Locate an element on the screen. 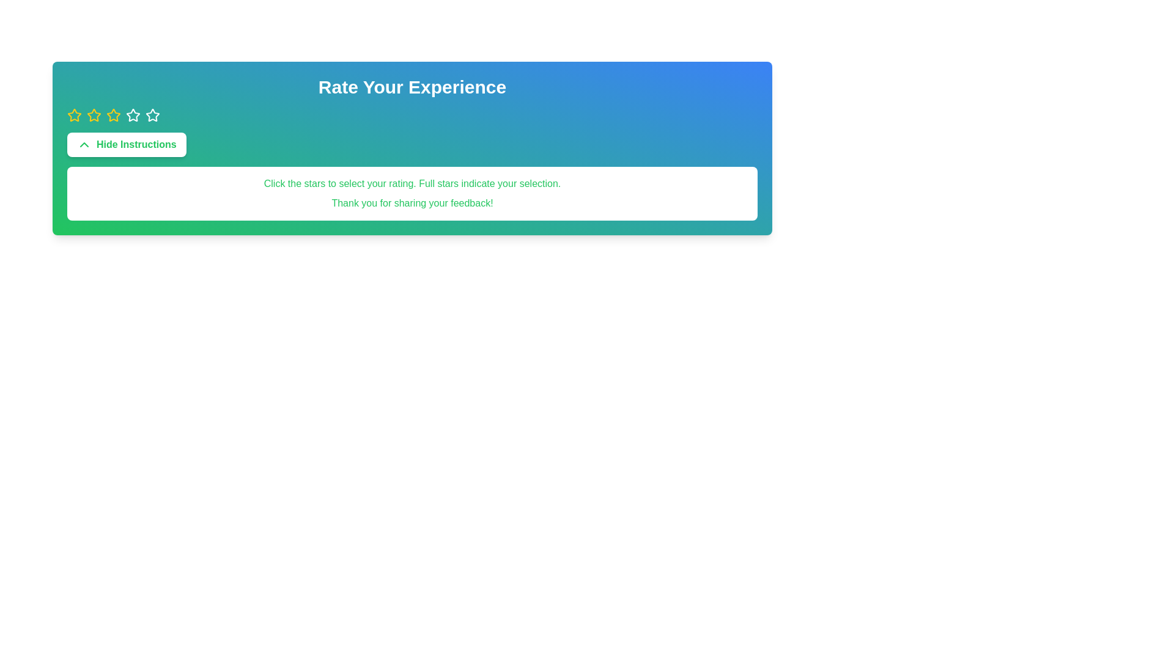 The image size is (1174, 660). the static text that acknowledges and thanks the user for providing feedback, which is positioned below another text element within a white, rounded rectangle is located at coordinates (412, 202).